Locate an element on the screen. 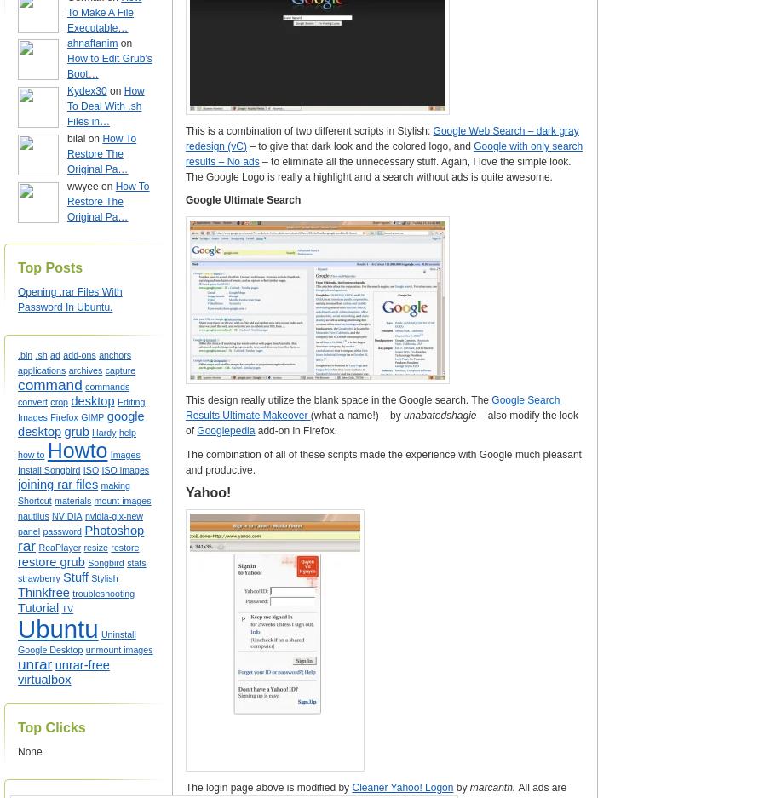 The image size is (770, 798). 'panel' is located at coordinates (27, 531).